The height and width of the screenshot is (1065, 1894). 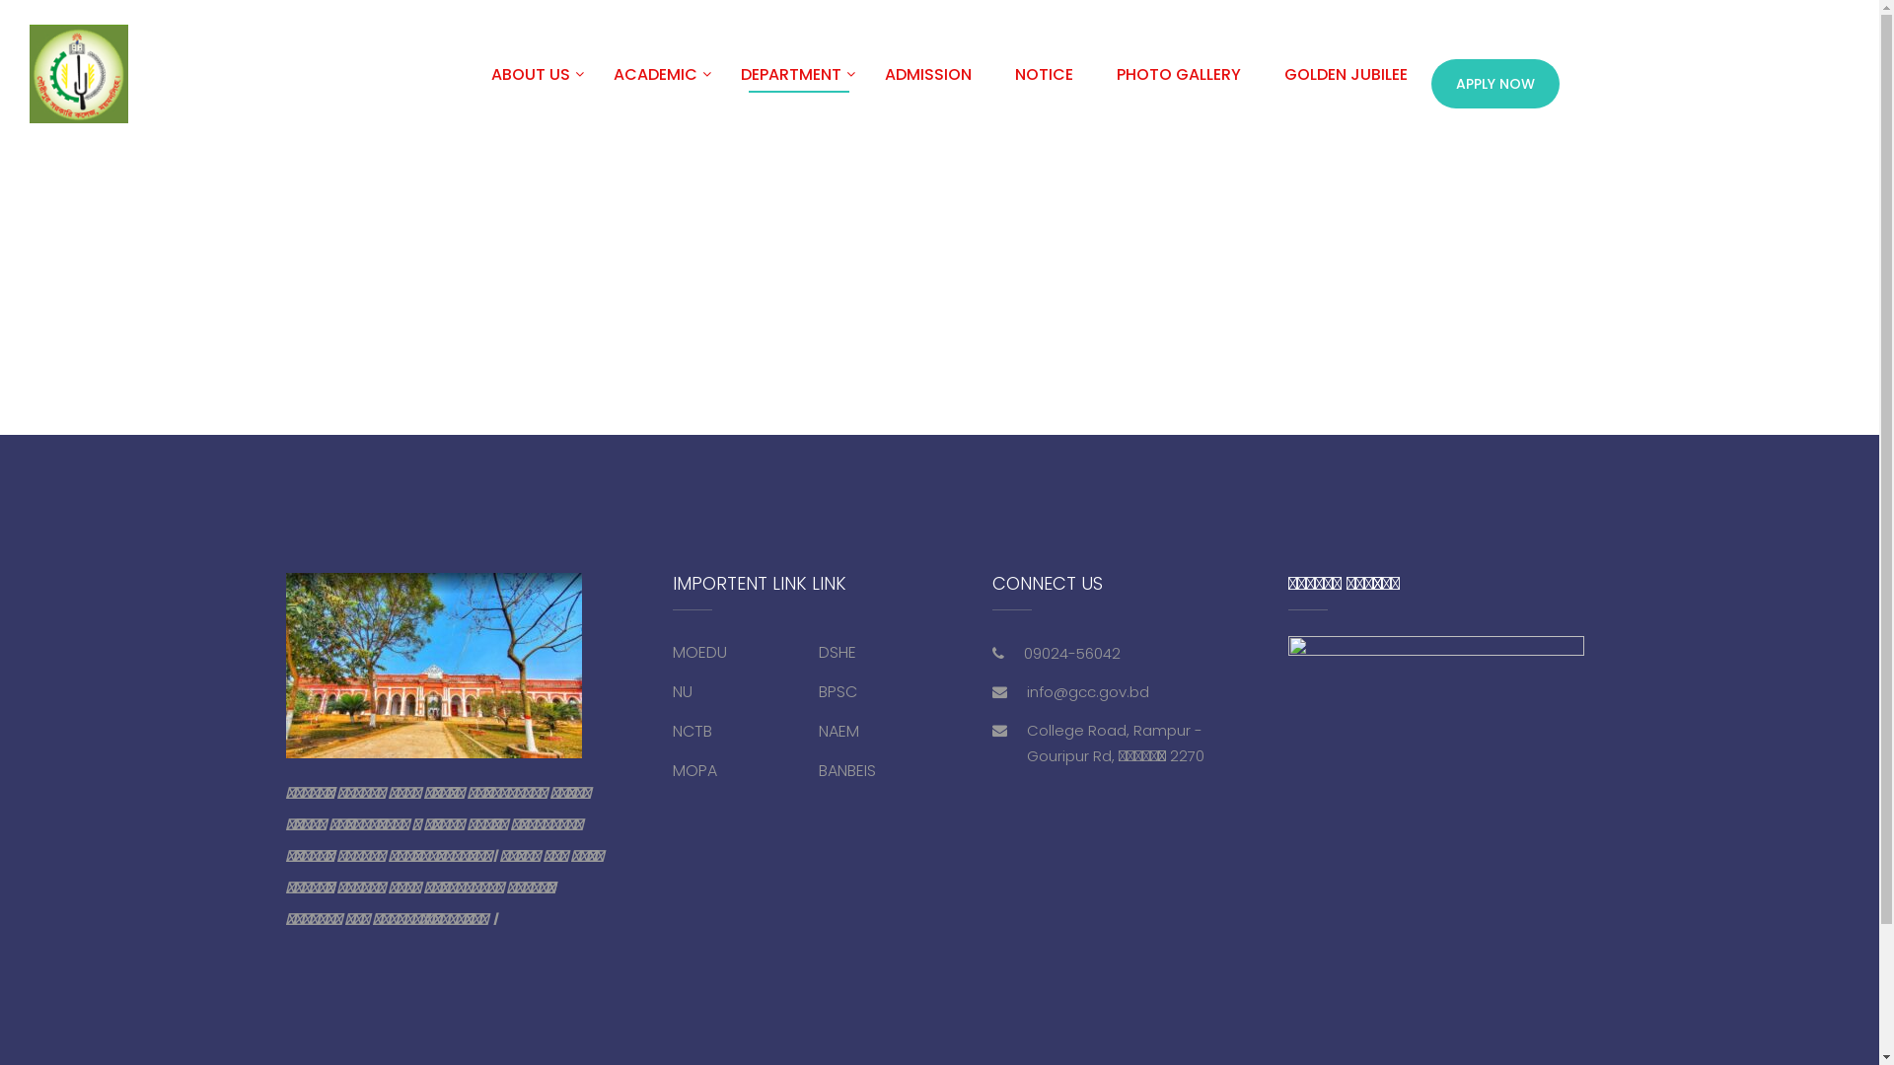 What do you see at coordinates (1179, 82) in the screenshot?
I see `'PHOTO GALLERY'` at bounding box center [1179, 82].